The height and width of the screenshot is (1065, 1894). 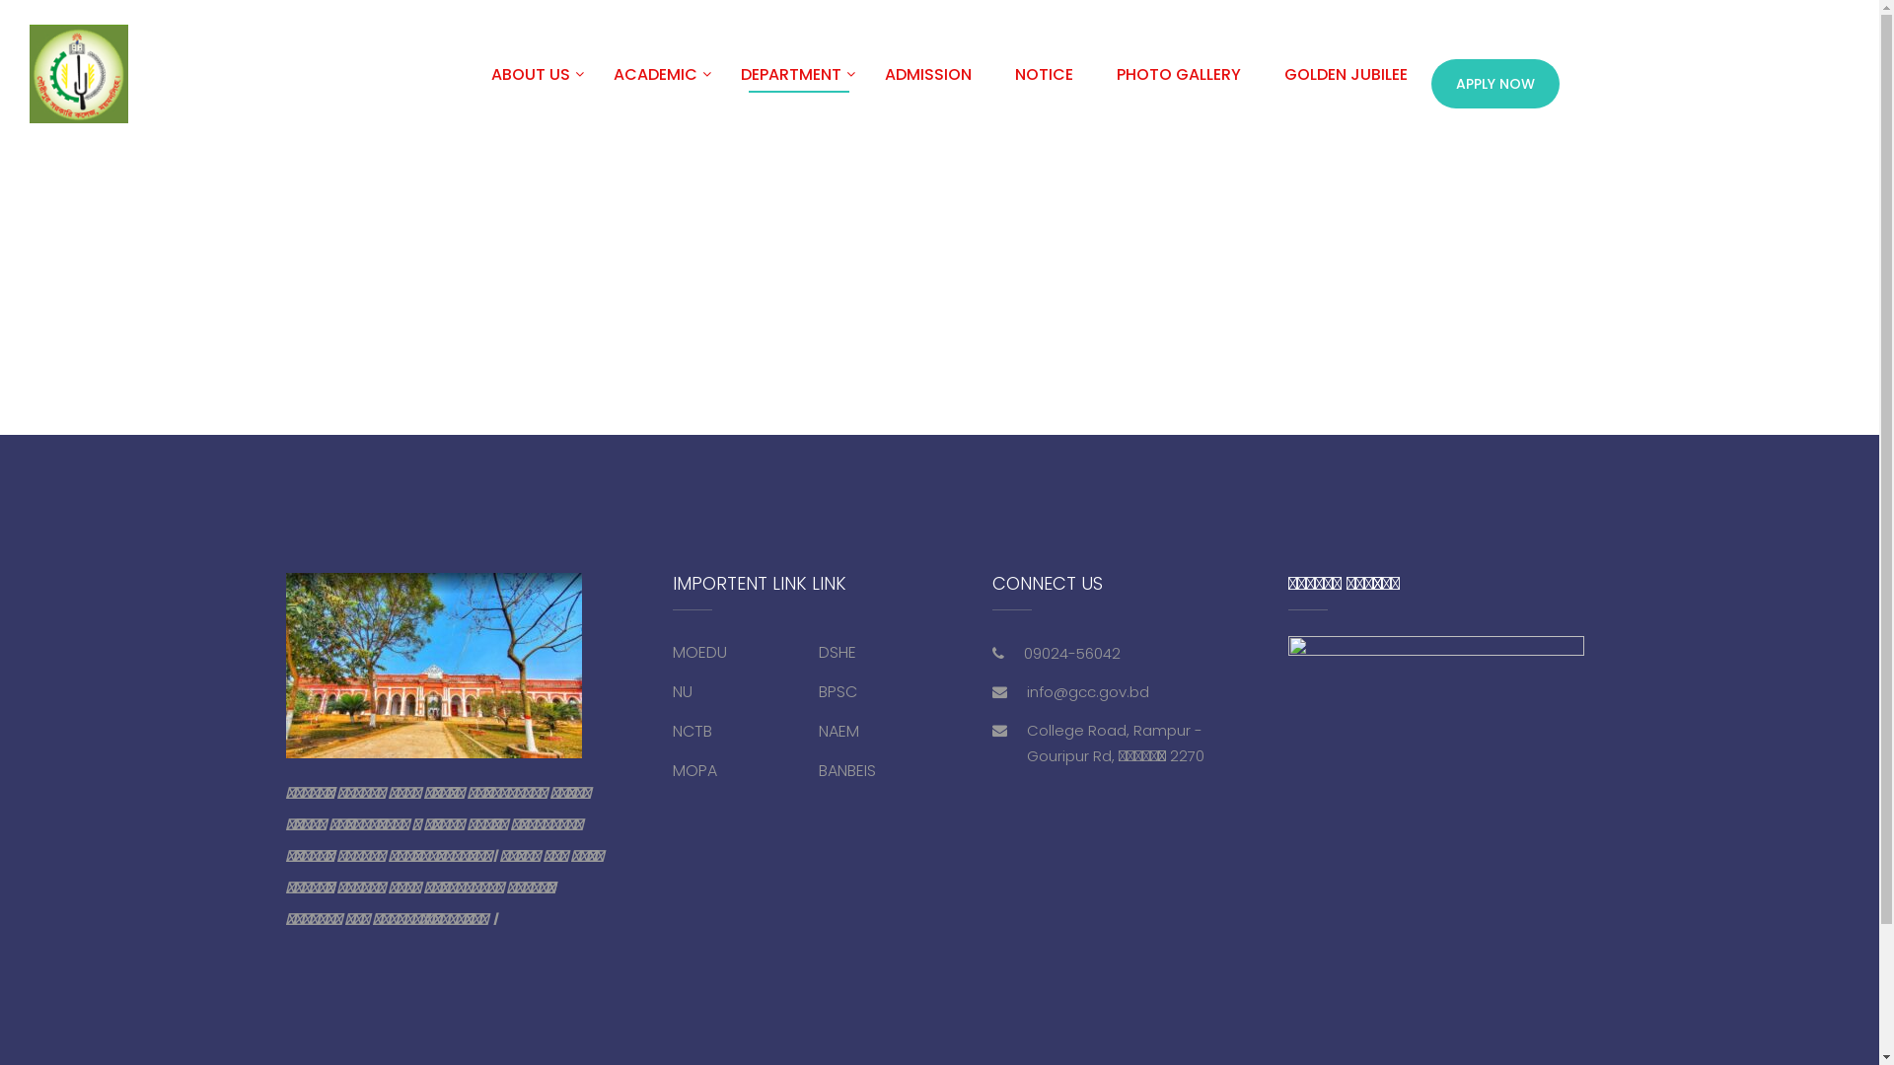 What do you see at coordinates (1179, 82) in the screenshot?
I see `'PHOTO GALLERY'` at bounding box center [1179, 82].